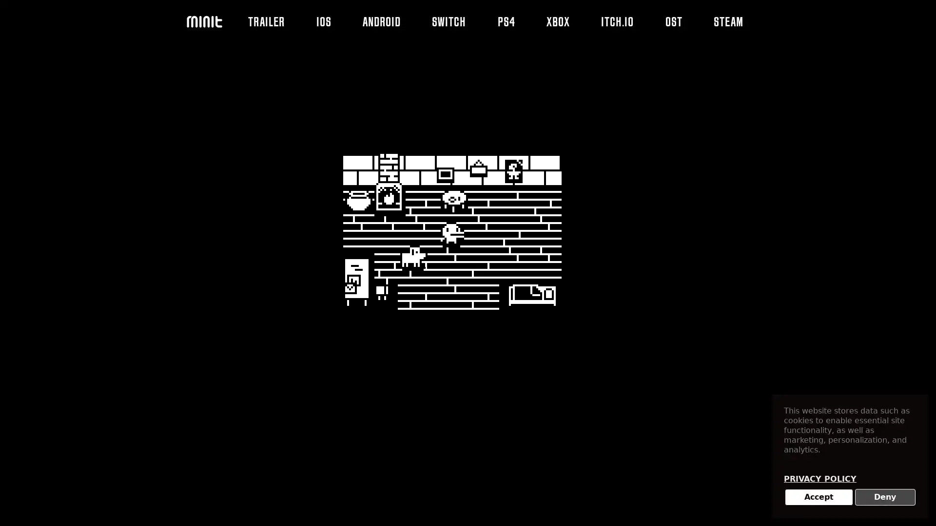  I want to click on Accept, so click(819, 497).